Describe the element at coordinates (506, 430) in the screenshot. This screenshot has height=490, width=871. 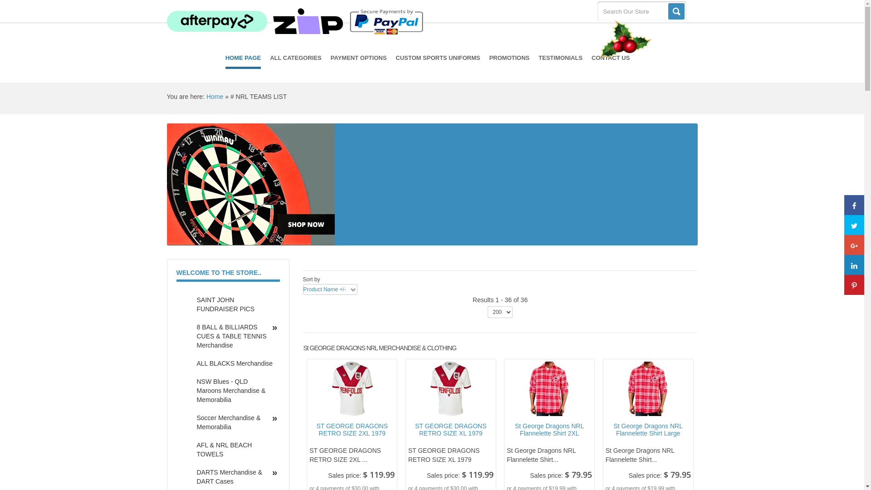
I see `'St George Dragons NRL Flannelette Shirt 2XL'` at that location.